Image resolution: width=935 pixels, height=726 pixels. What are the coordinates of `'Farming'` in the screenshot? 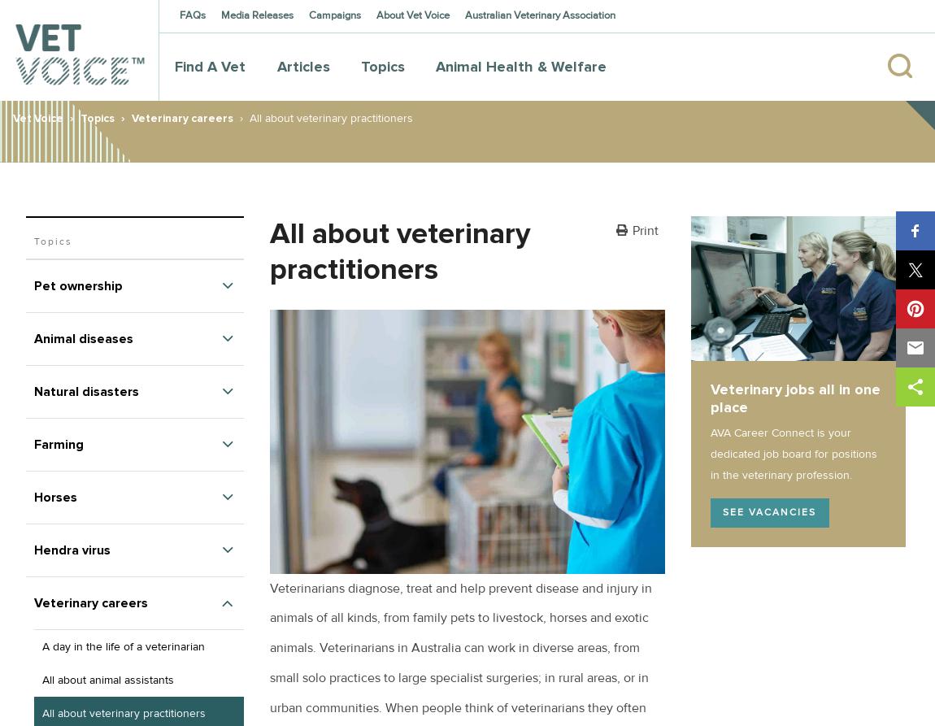 It's located at (58, 443).